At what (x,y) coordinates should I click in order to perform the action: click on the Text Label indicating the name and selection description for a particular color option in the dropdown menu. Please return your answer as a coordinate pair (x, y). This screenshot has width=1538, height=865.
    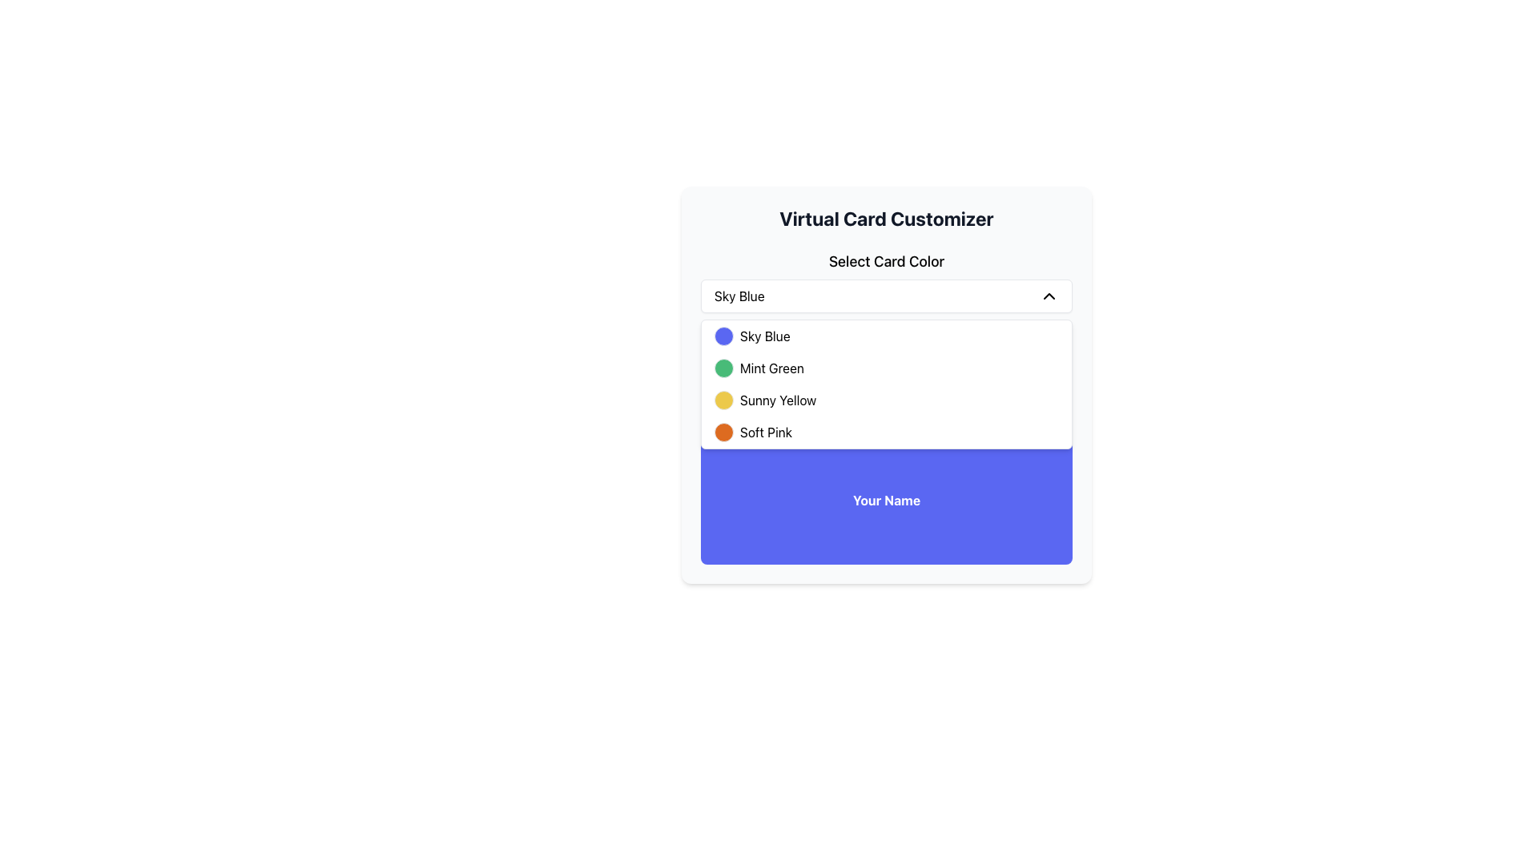
    Looking at the image, I should click on (778, 400).